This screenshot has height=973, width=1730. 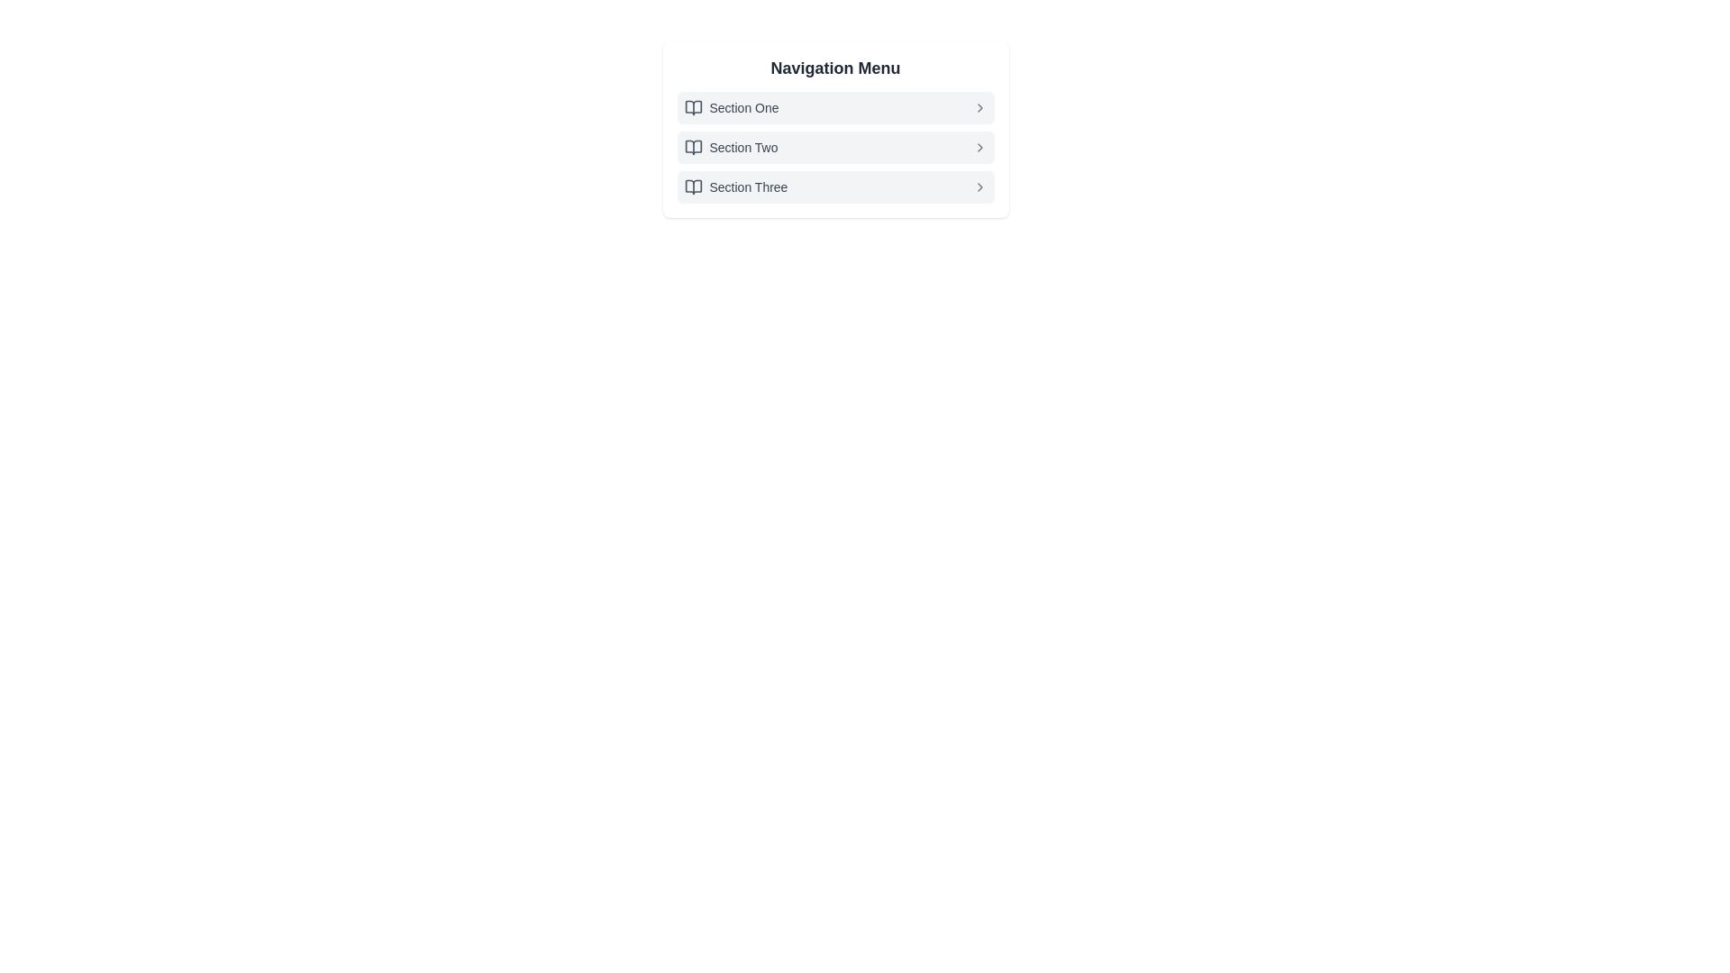 I want to click on the open book icon representing the 'Section Three' option in the navigation menu, so click(x=692, y=187).